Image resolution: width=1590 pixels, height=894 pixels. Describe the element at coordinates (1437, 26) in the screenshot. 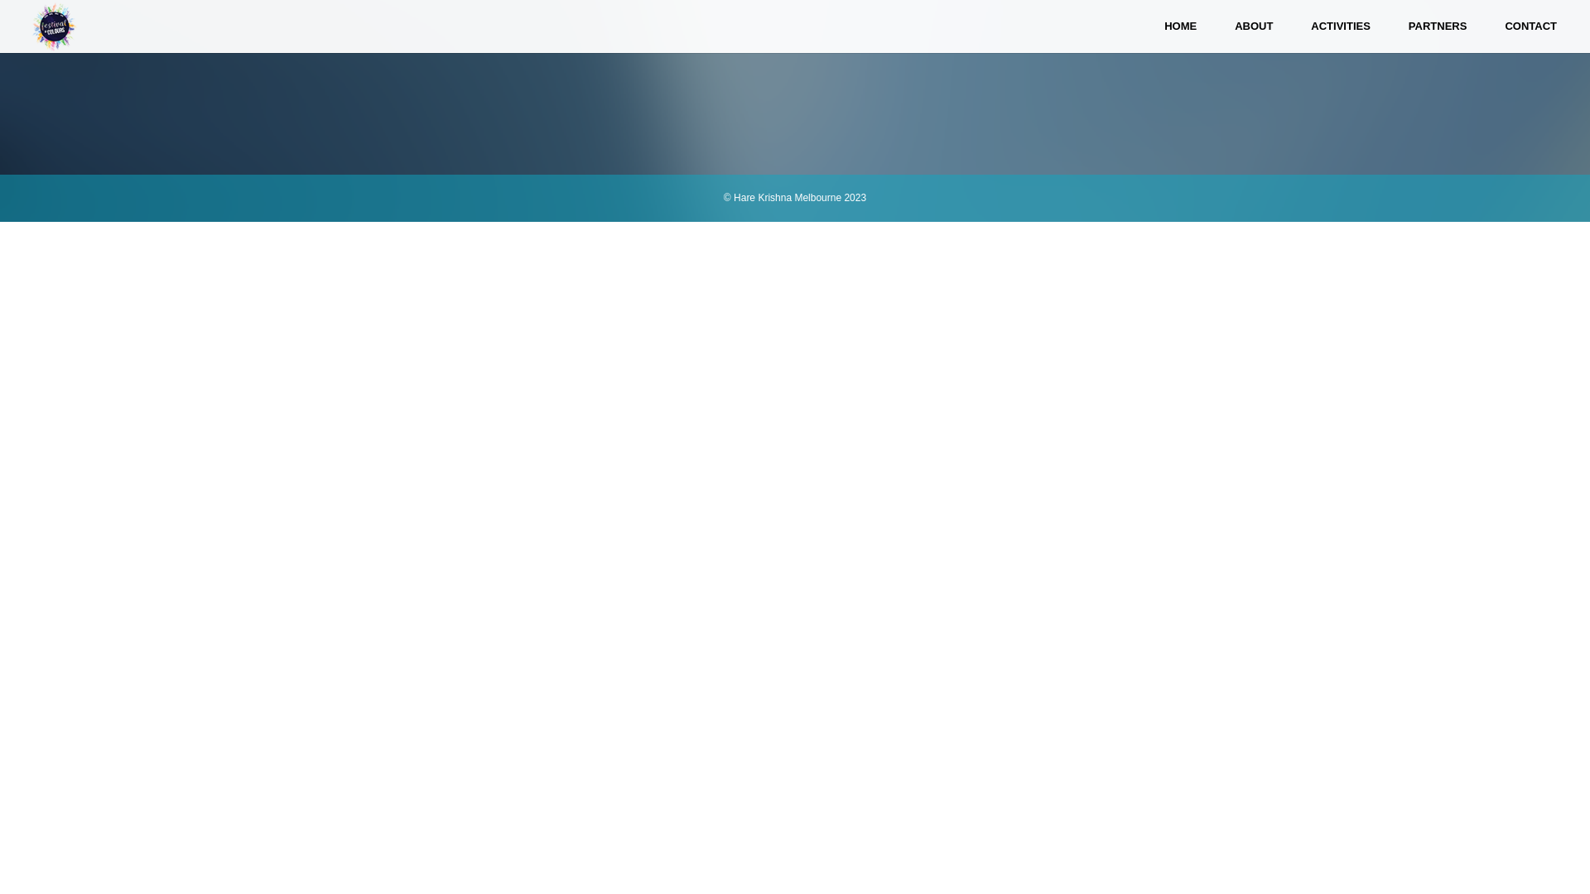

I see `'PARTNERS'` at that location.